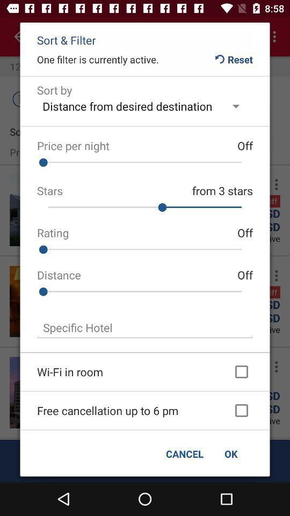 This screenshot has width=290, height=516. Describe the element at coordinates (145, 327) in the screenshot. I see `field to specify hotel` at that location.